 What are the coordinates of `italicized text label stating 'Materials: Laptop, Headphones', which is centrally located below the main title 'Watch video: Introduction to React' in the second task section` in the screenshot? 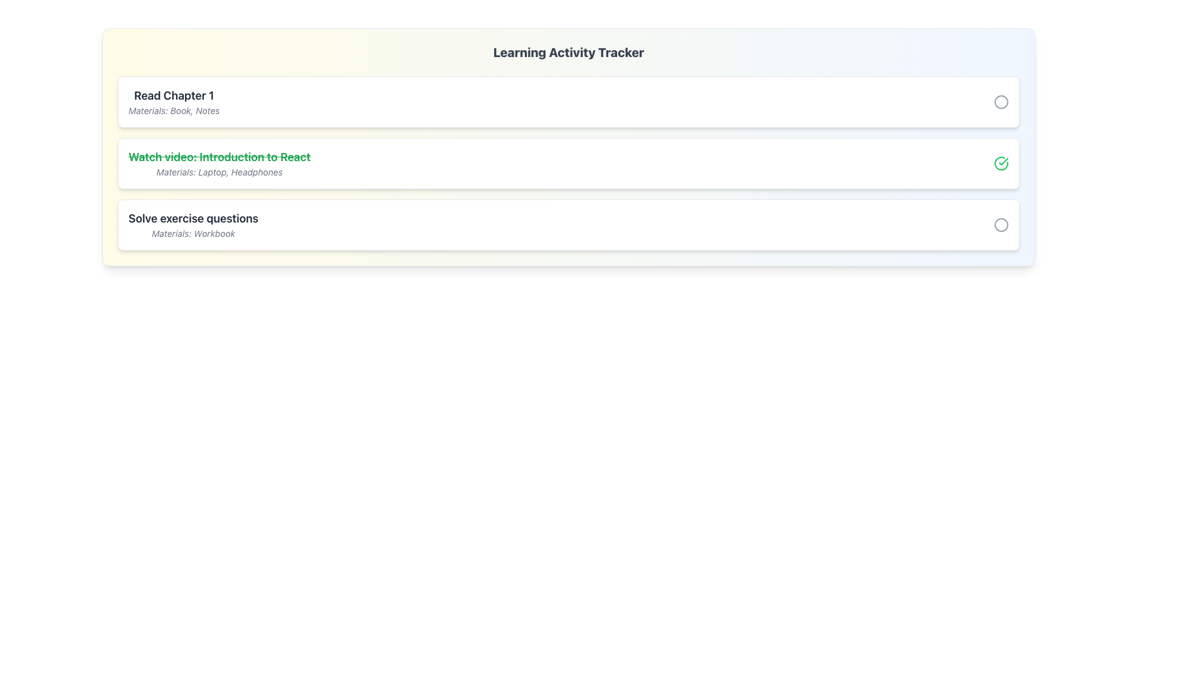 It's located at (219, 172).